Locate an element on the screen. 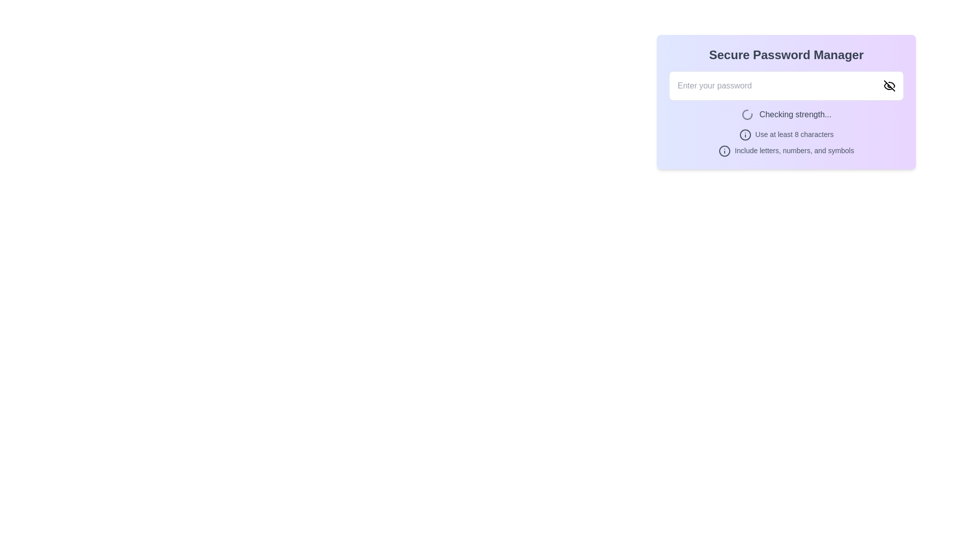  the spinning loader icon within the 'Secure Password Manager' card-styled component for strength checking feedback is located at coordinates (786, 102).